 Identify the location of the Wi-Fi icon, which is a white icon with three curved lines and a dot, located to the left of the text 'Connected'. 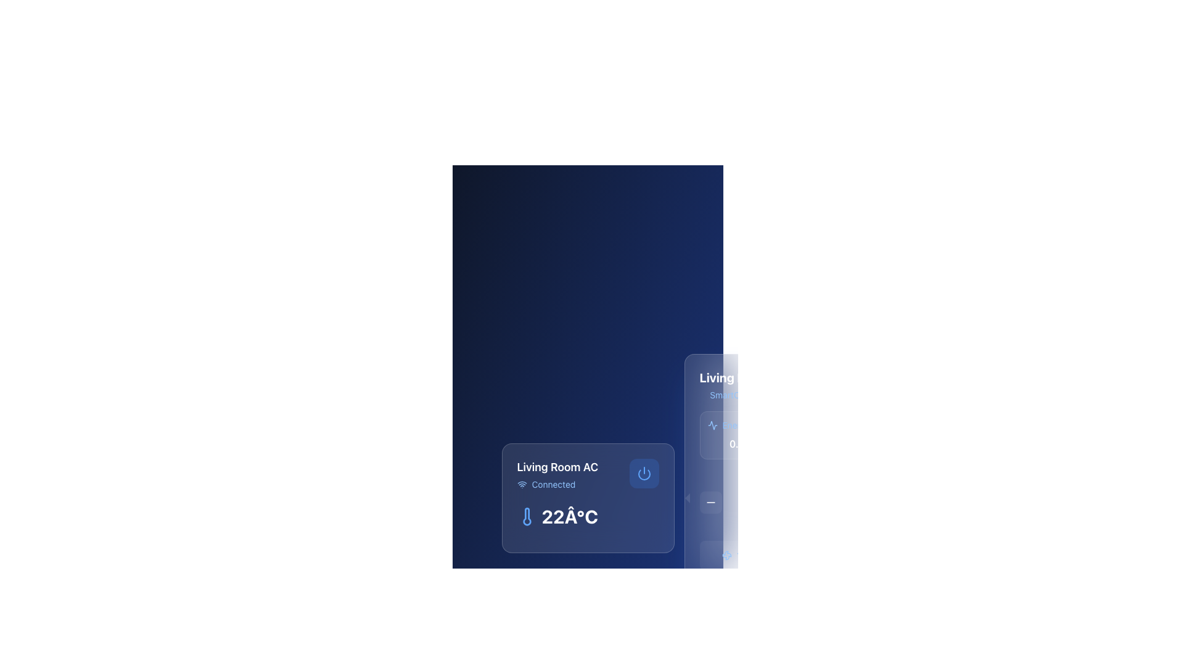
(522, 484).